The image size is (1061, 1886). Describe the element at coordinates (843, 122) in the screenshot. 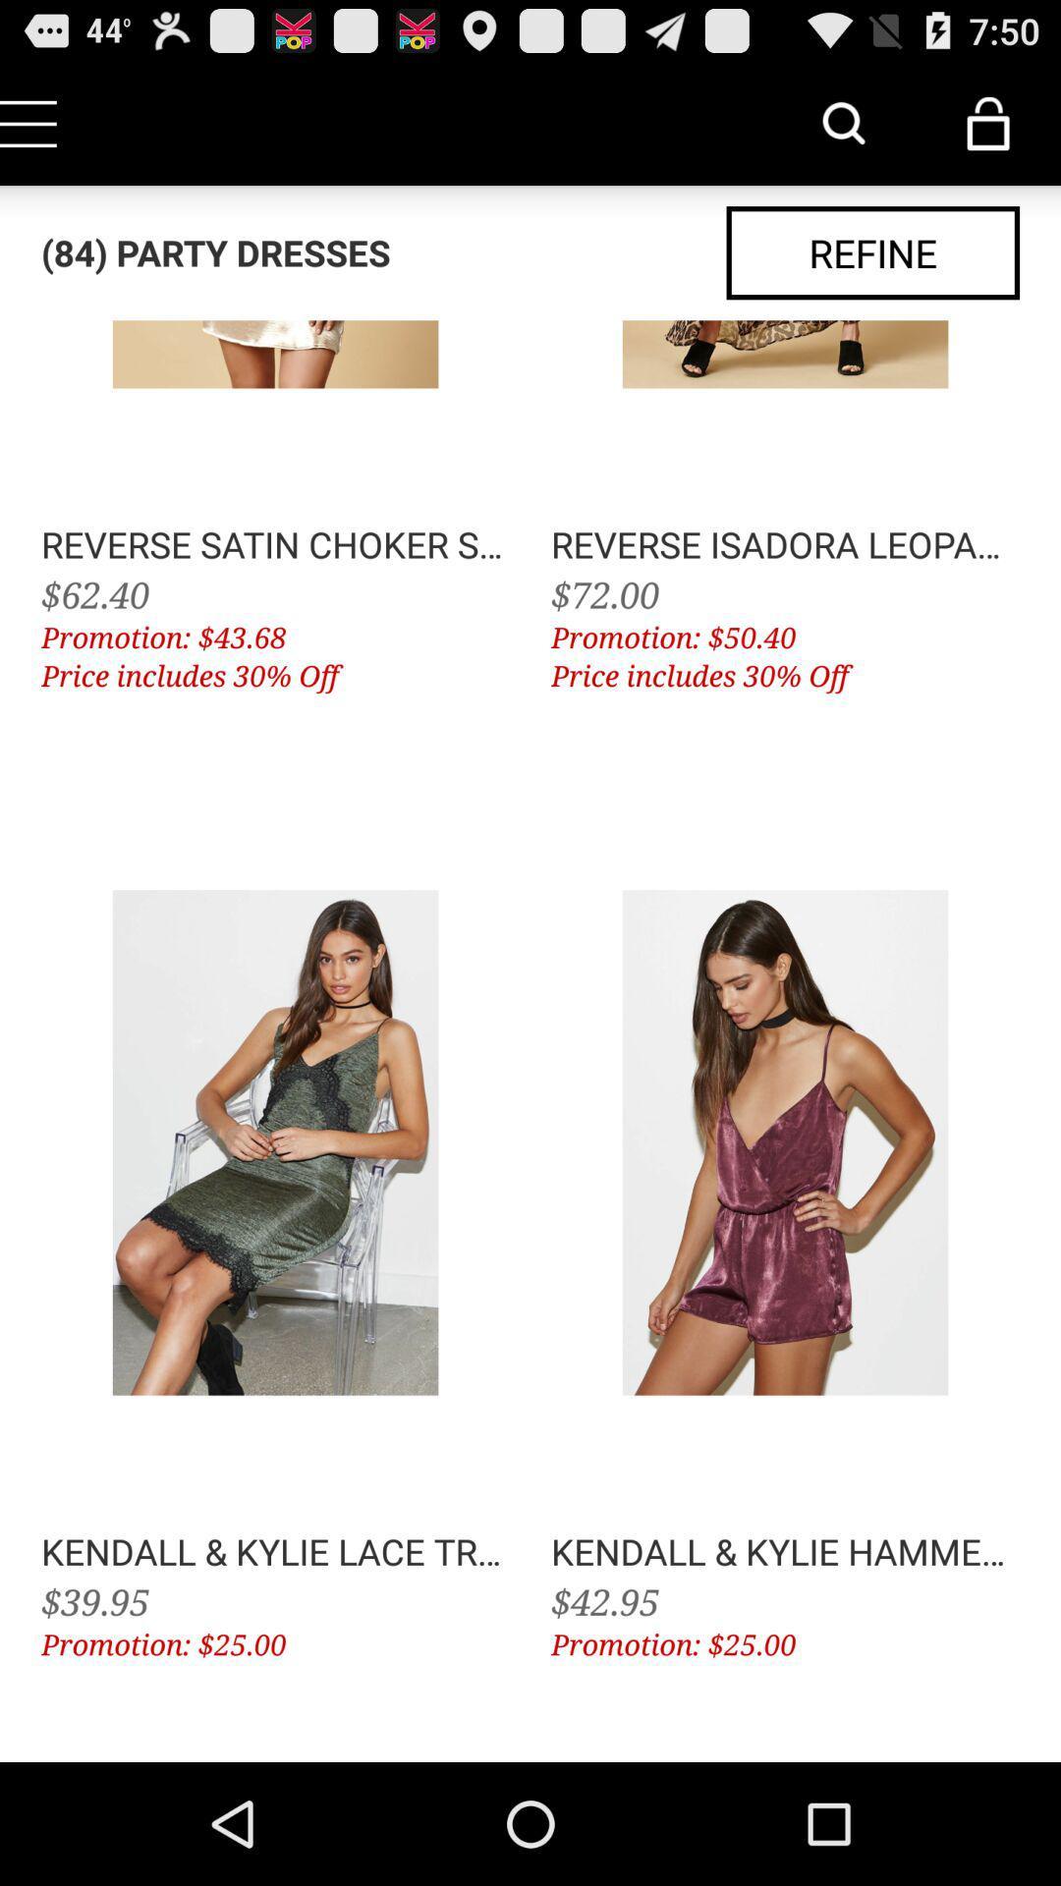

I see `the icon above the refine` at that location.